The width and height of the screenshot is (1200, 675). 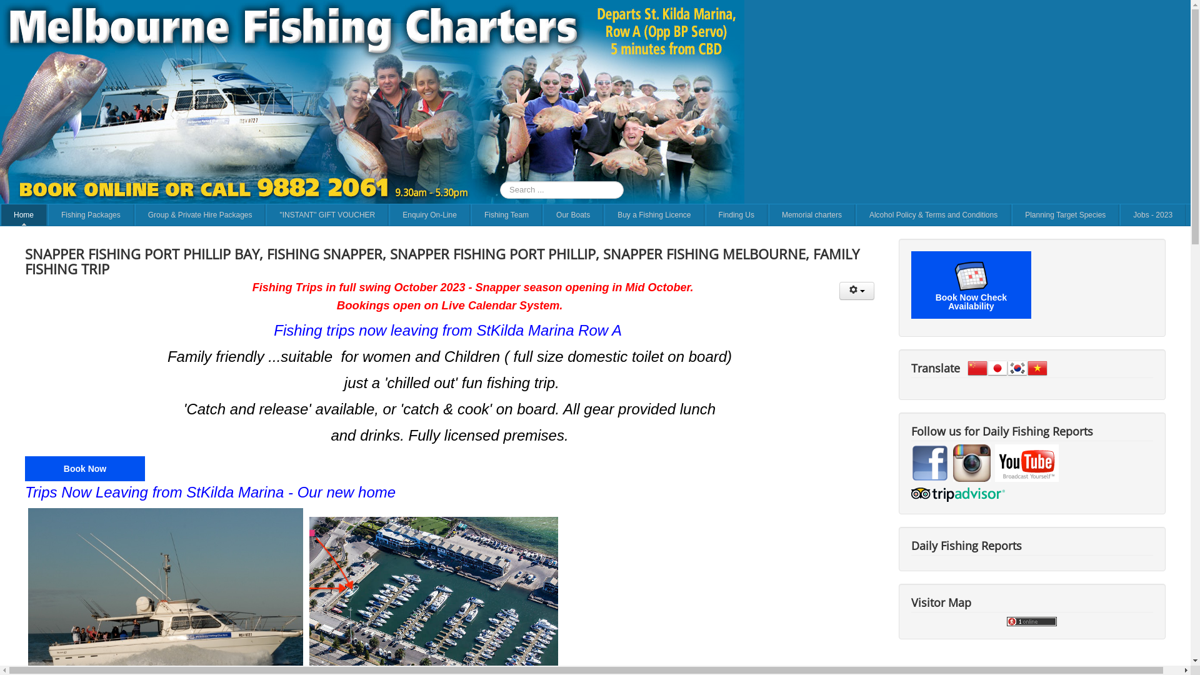 What do you see at coordinates (911, 284) in the screenshot?
I see `'Book Now Check Availability'` at bounding box center [911, 284].